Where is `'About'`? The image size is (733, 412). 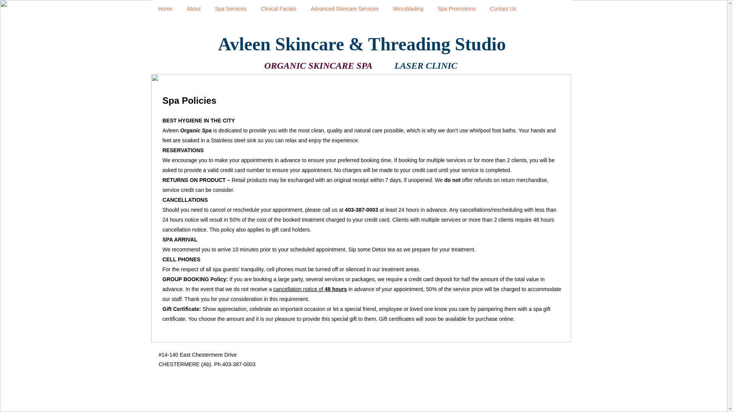
'About' is located at coordinates (194, 9).